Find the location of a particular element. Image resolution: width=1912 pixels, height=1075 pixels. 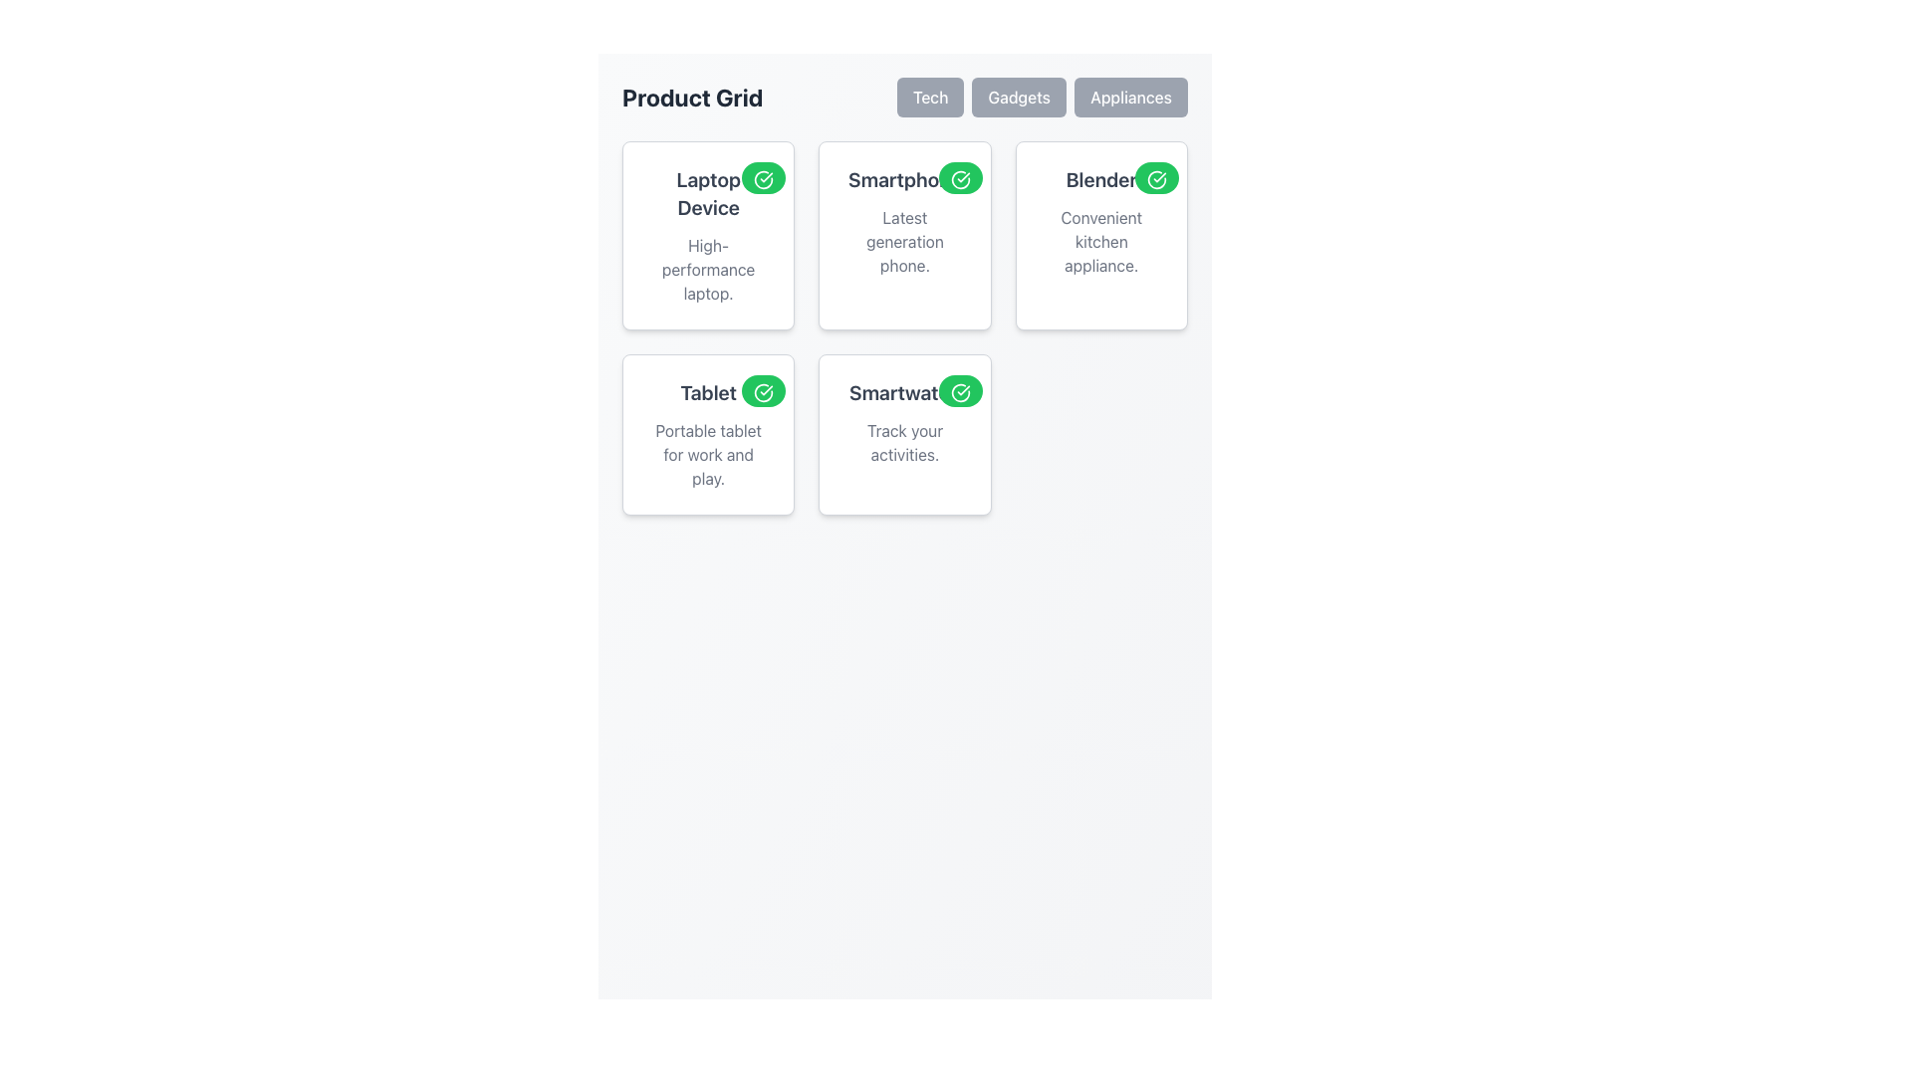

the positive status SVG graphic icon located in the top-right corner of the 'Smartwatch' card is located at coordinates (960, 392).